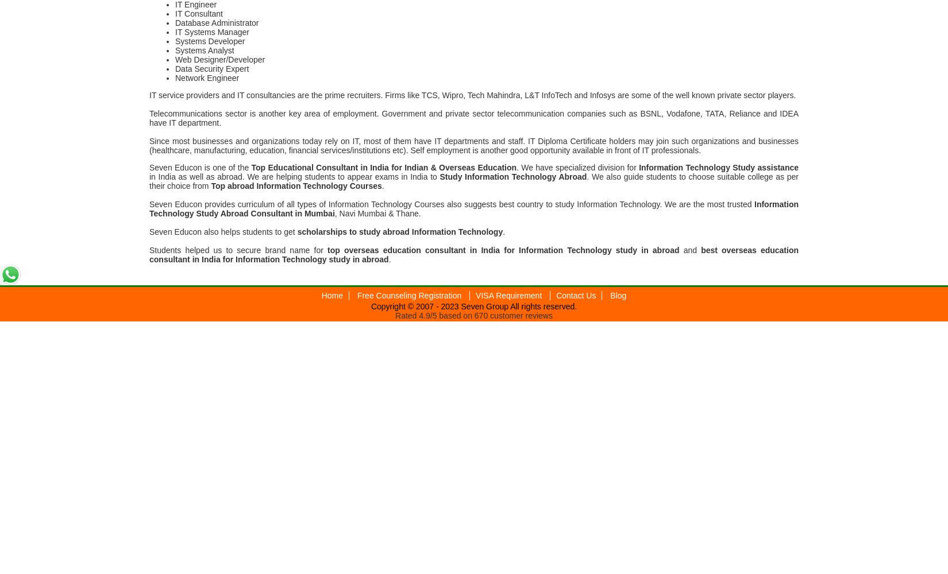 The width and height of the screenshot is (948, 574). What do you see at coordinates (510, 295) in the screenshot?
I see `'VISA Requirement'` at bounding box center [510, 295].